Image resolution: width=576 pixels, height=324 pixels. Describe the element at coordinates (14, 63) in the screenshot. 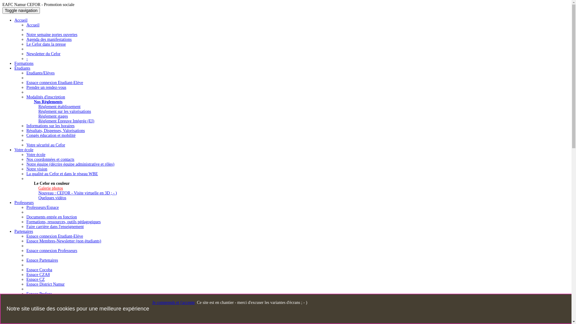

I see `'Formations'` at that location.